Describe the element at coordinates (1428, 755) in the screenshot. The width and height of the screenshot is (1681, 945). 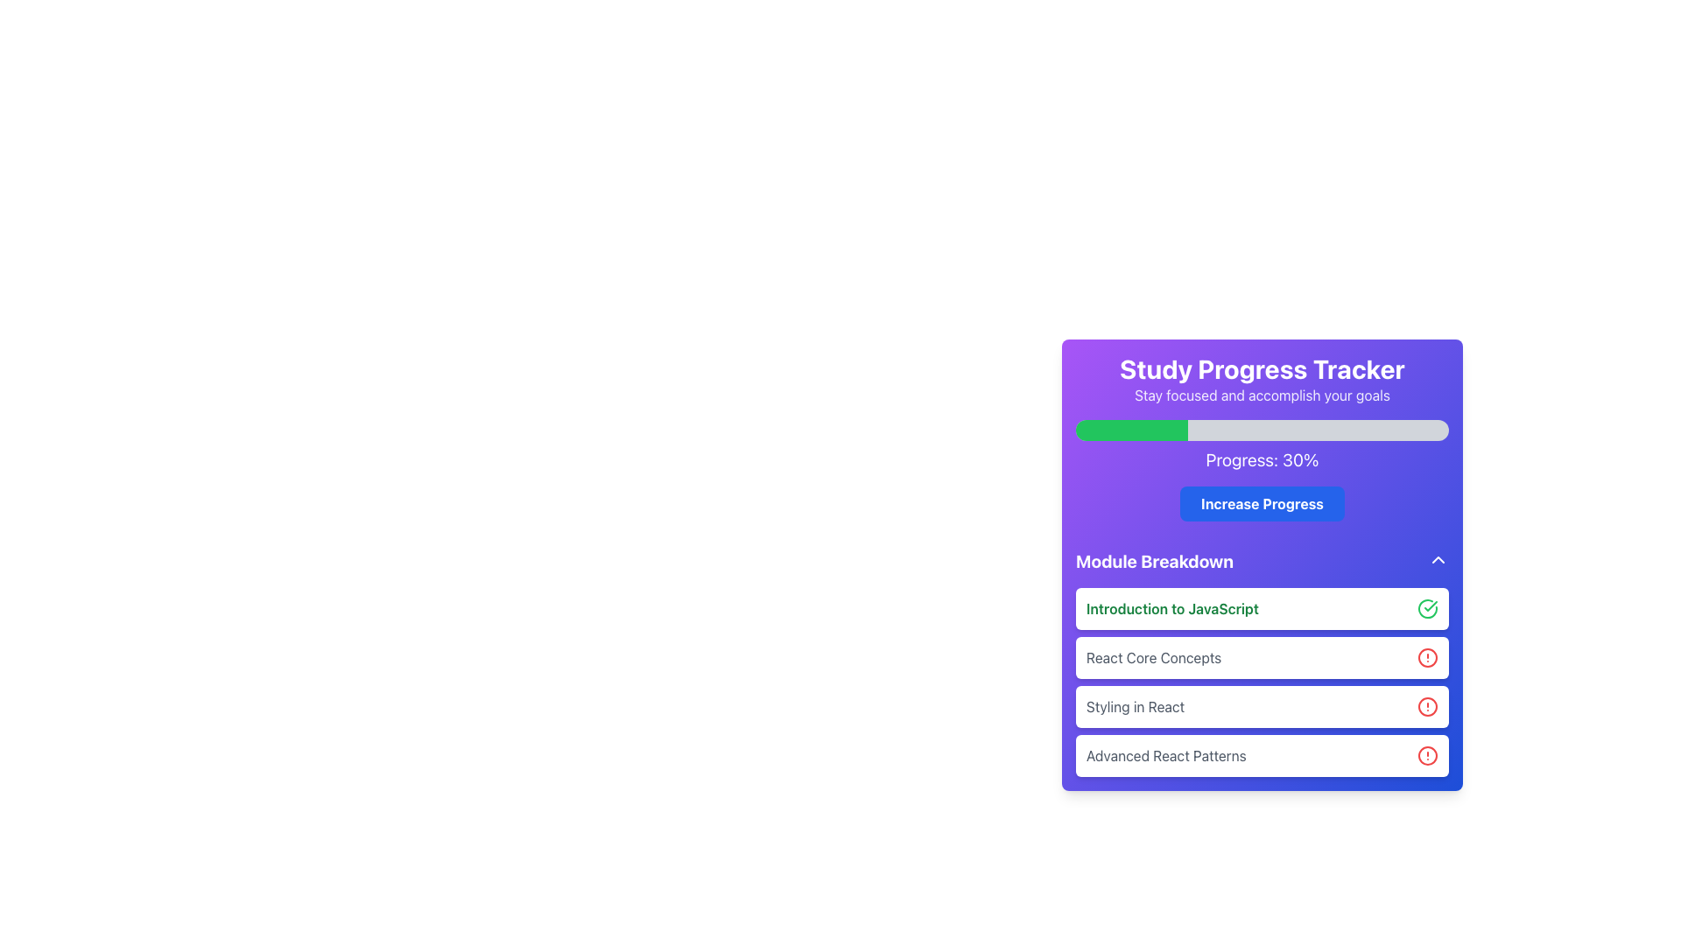
I see `the details of the Warning icon located on the far right side of the 'Advanced React Patterns' module entry in the 'Module Breakdown' section` at that location.